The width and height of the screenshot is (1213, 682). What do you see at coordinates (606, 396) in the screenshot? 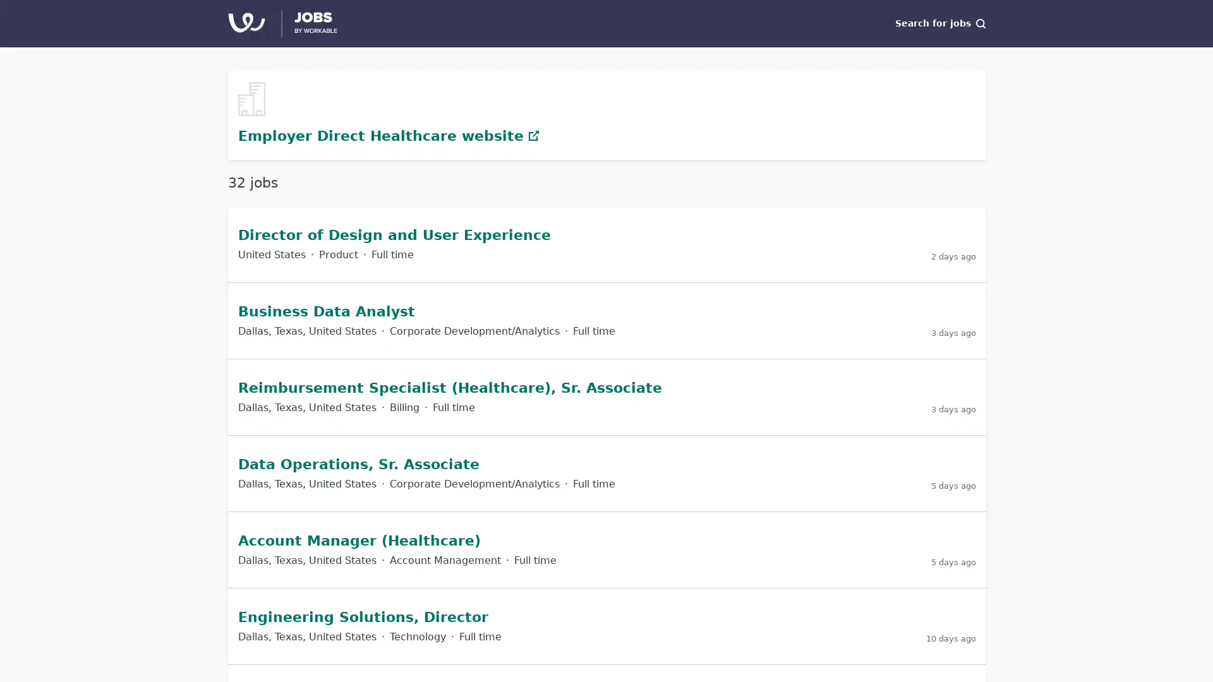
I see `Reimbursement Specialist (Healthcare), Sr. Associate at Employer Direct Healthcare` at bounding box center [606, 396].